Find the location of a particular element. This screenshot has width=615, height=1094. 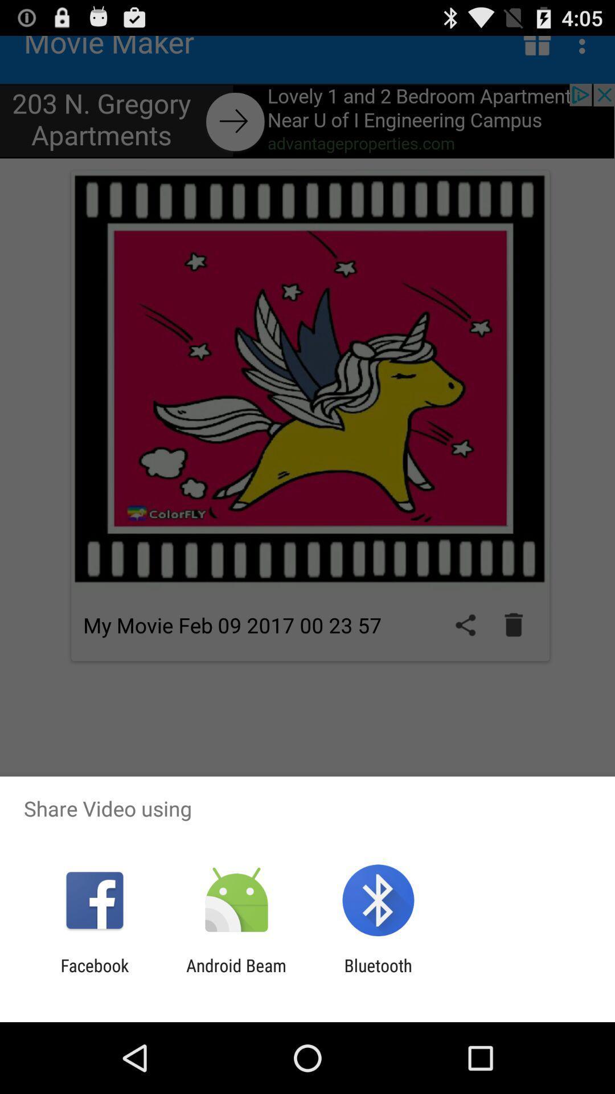

icon next to the bluetooth app is located at coordinates (236, 975).